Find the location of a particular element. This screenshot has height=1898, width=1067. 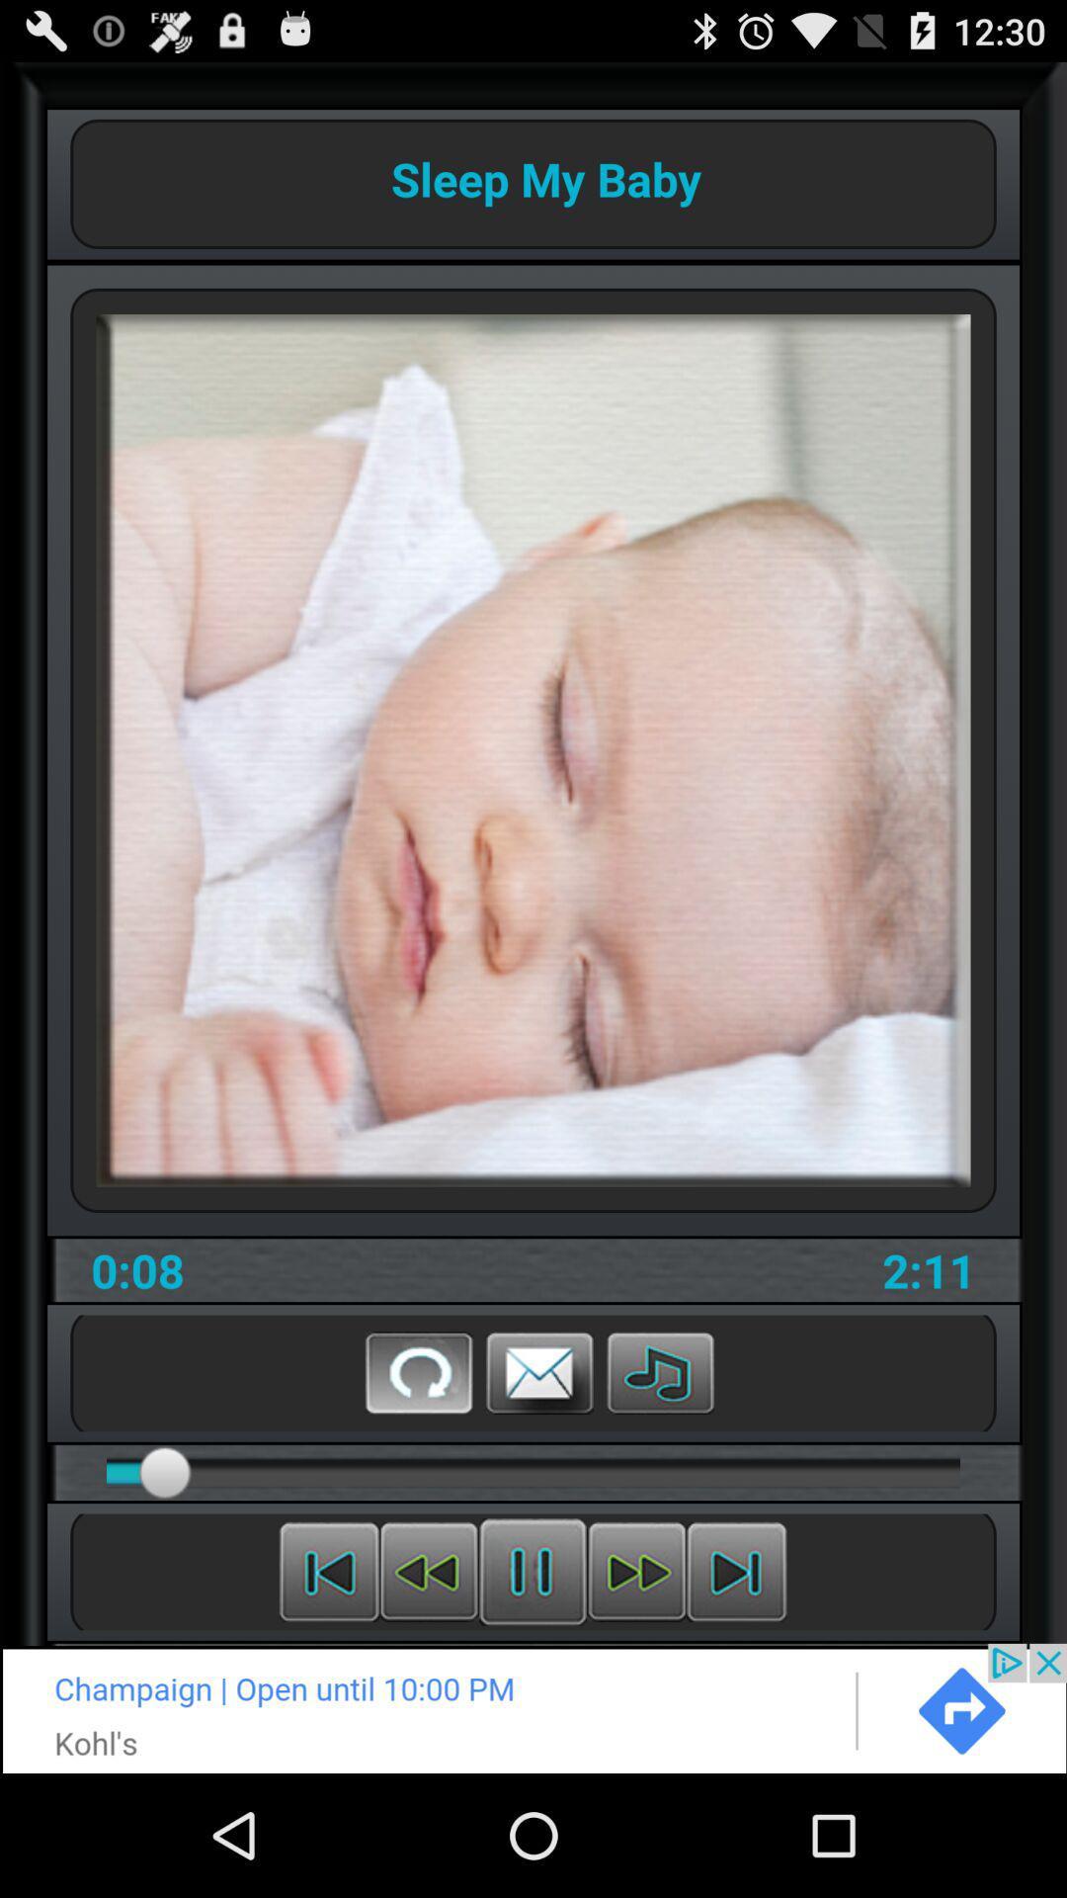

comment box is located at coordinates (539, 1371).